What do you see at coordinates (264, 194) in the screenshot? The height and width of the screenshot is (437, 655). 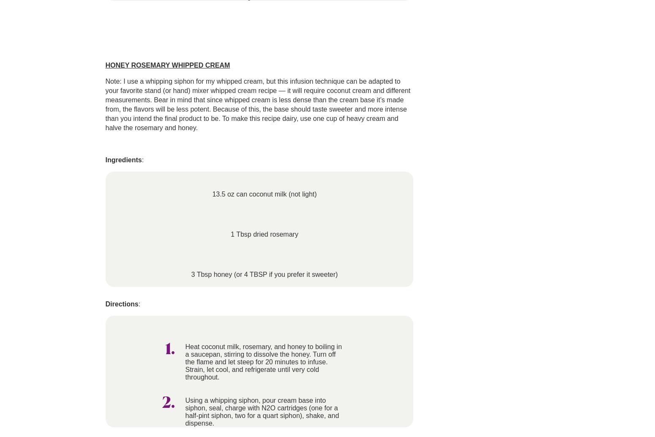 I see `'13.5 oz can coconut milk (not light)'` at bounding box center [264, 194].